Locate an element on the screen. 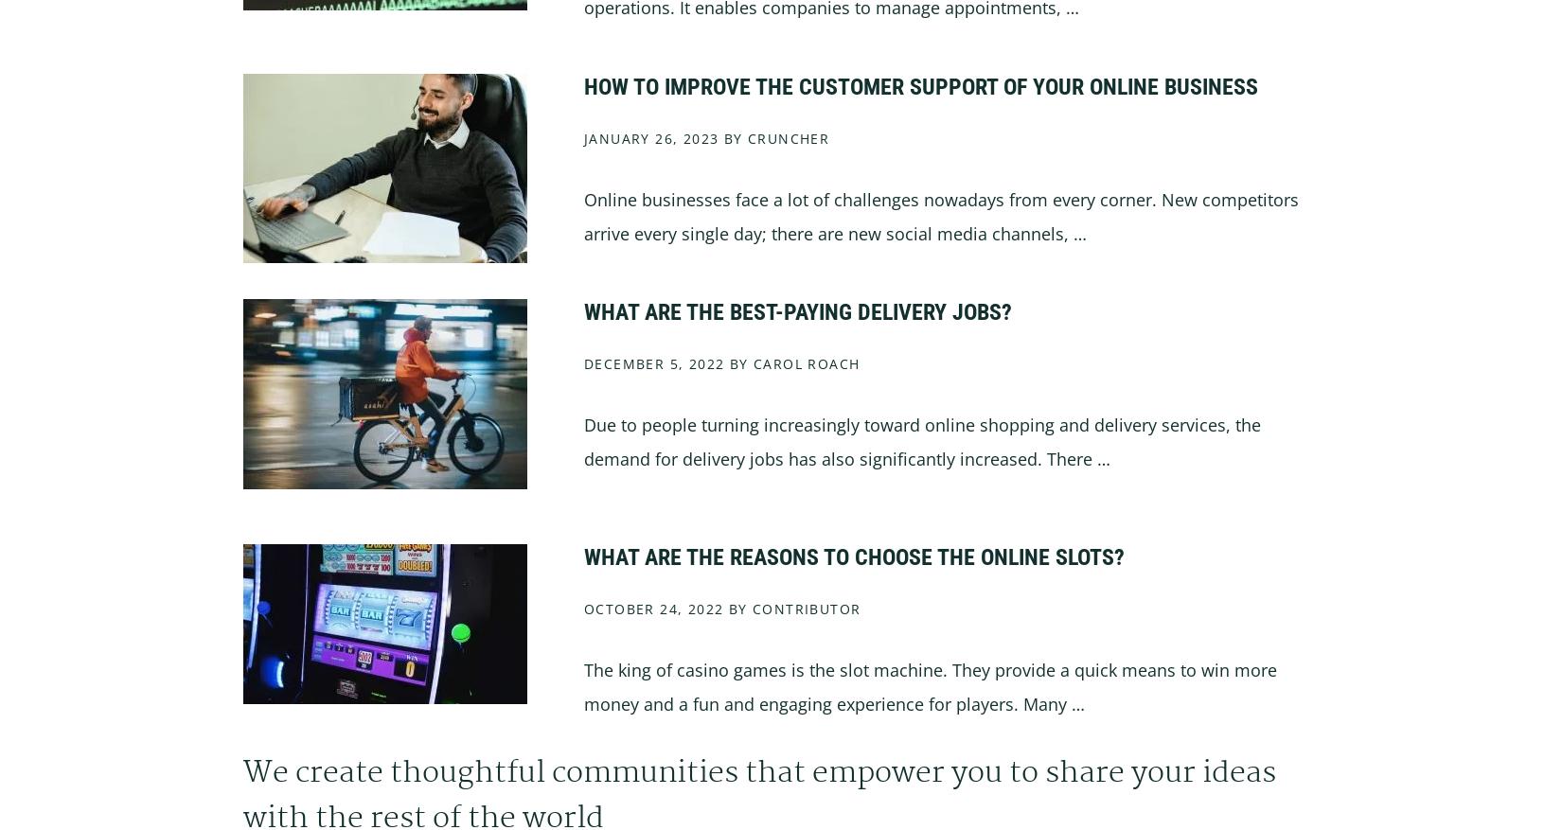 This screenshot has width=1562, height=830. 'Due to people turning increasingly toward online shopping and delivery services, the demand for delivery jobs has also significantly increased. There …' is located at coordinates (582, 441).